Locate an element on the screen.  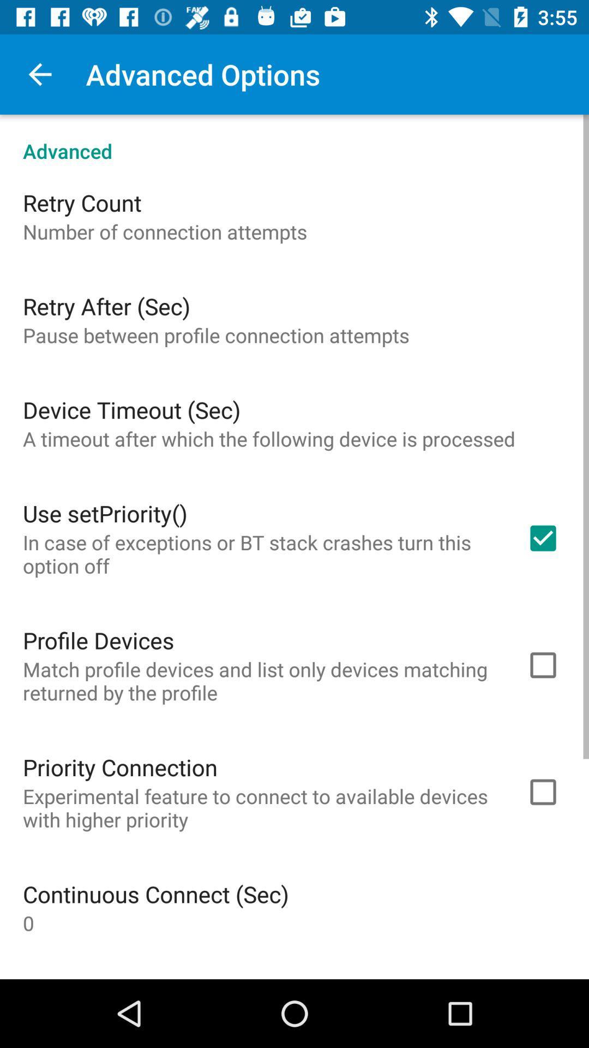
previous is located at coordinates (39, 74).